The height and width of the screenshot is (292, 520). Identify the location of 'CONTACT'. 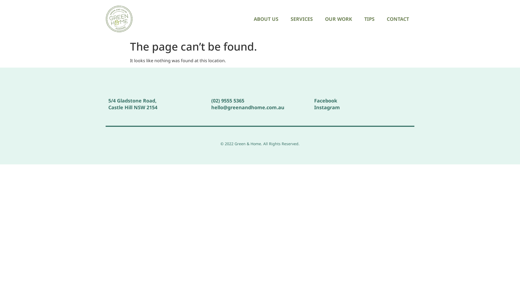
(381, 19).